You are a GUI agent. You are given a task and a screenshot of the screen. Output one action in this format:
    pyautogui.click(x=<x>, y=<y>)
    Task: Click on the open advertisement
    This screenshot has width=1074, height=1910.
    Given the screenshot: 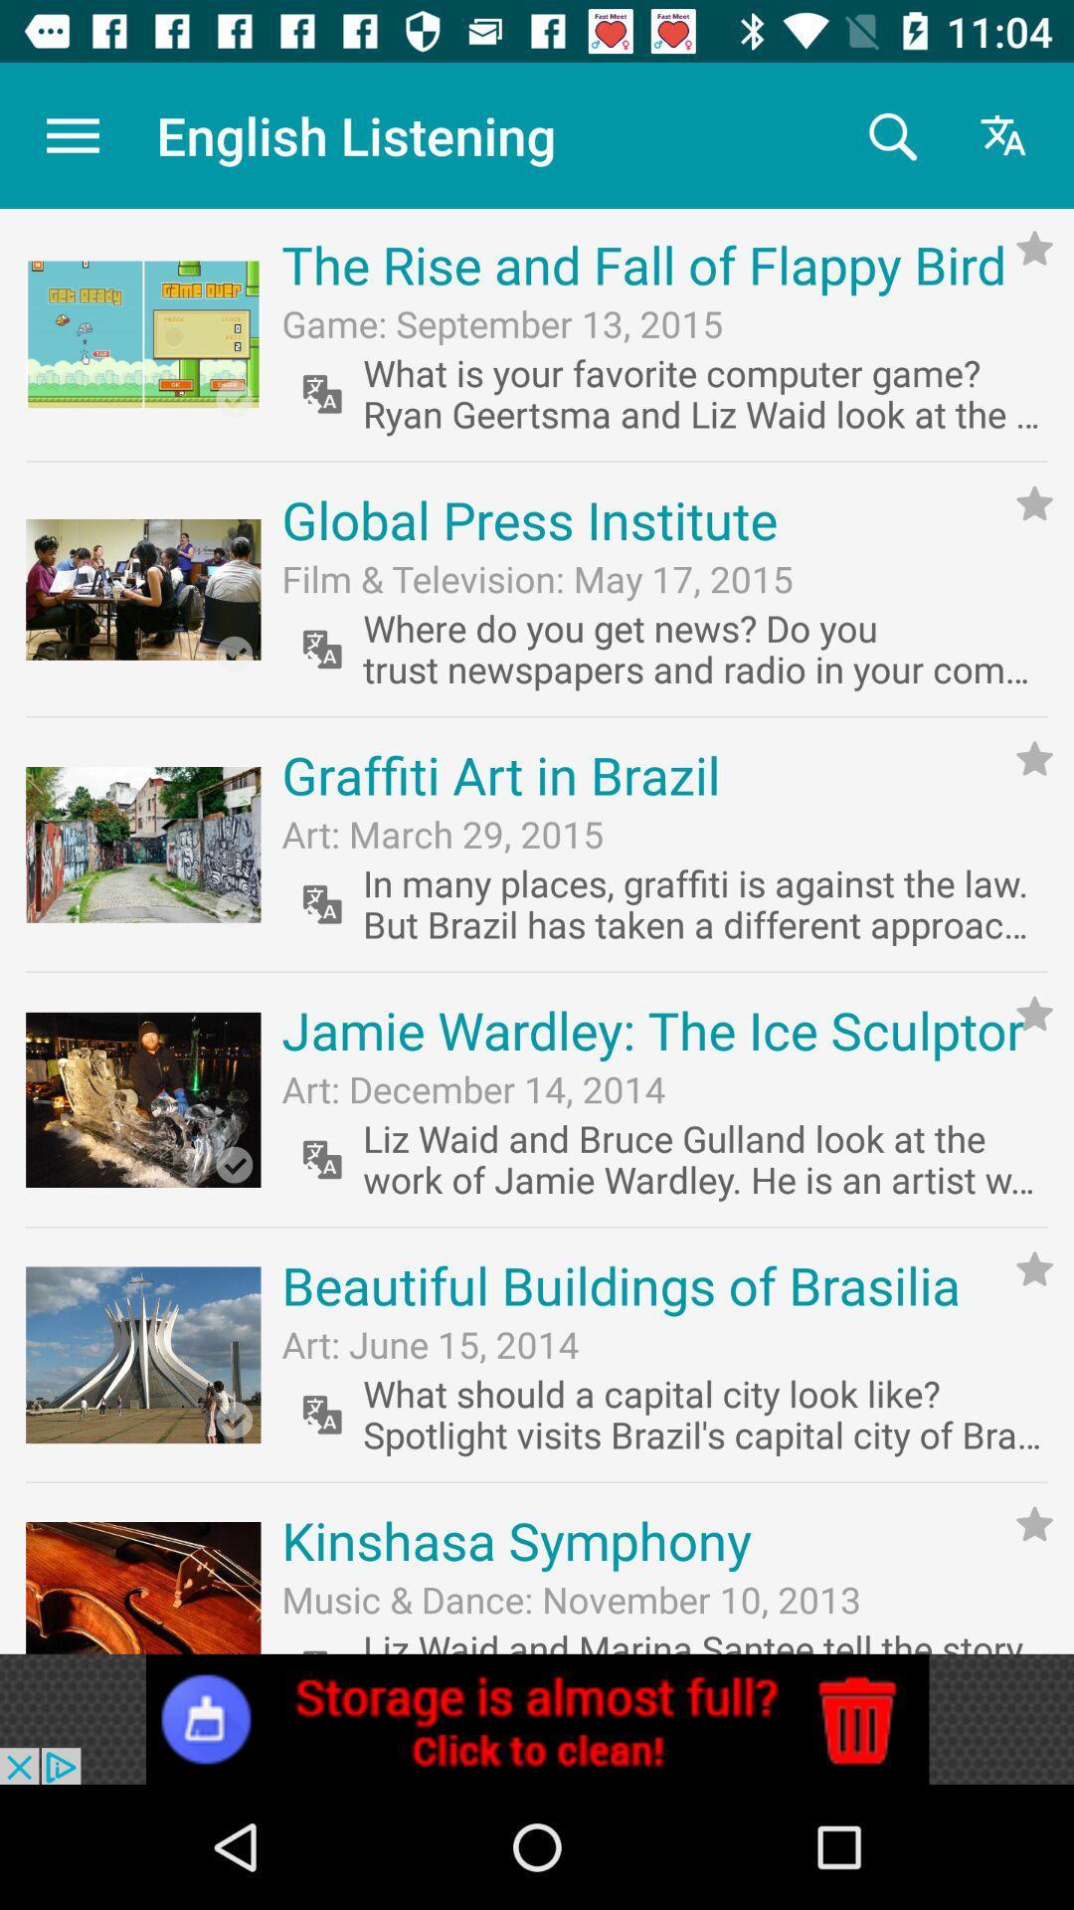 What is the action you would take?
    pyautogui.click(x=537, y=1718)
    